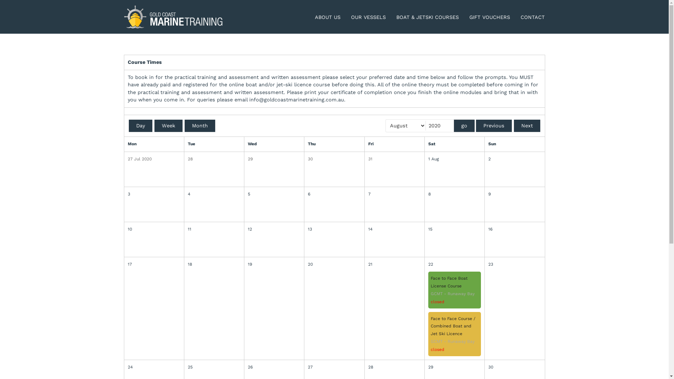  What do you see at coordinates (140, 125) in the screenshot?
I see `'Day'` at bounding box center [140, 125].